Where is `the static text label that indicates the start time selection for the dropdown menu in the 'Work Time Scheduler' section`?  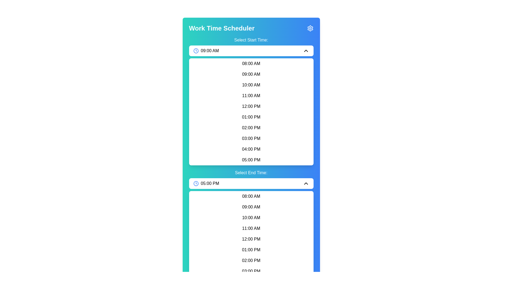
the static text label that indicates the start time selection for the dropdown menu in the 'Work Time Scheduler' section is located at coordinates (251, 40).